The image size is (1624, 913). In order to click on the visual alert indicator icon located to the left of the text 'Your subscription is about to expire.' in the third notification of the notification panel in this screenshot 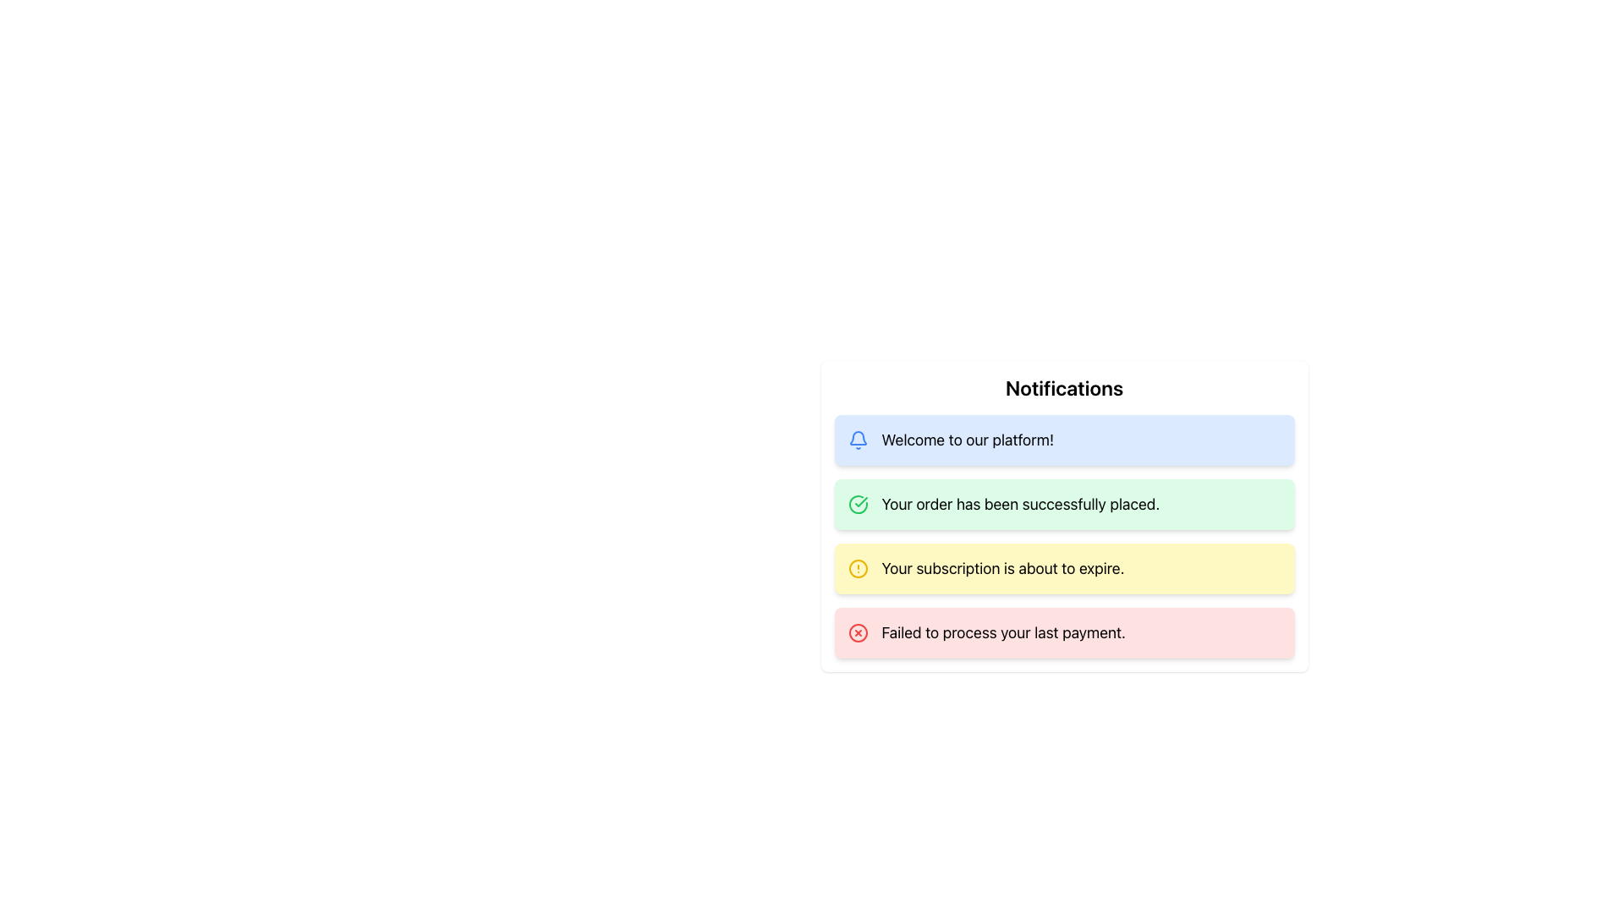, I will do `click(858, 568)`.